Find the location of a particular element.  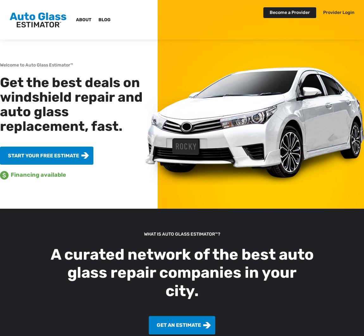

'Welcome to Auto Glass Estimator™' is located at coordinates (36, 65).